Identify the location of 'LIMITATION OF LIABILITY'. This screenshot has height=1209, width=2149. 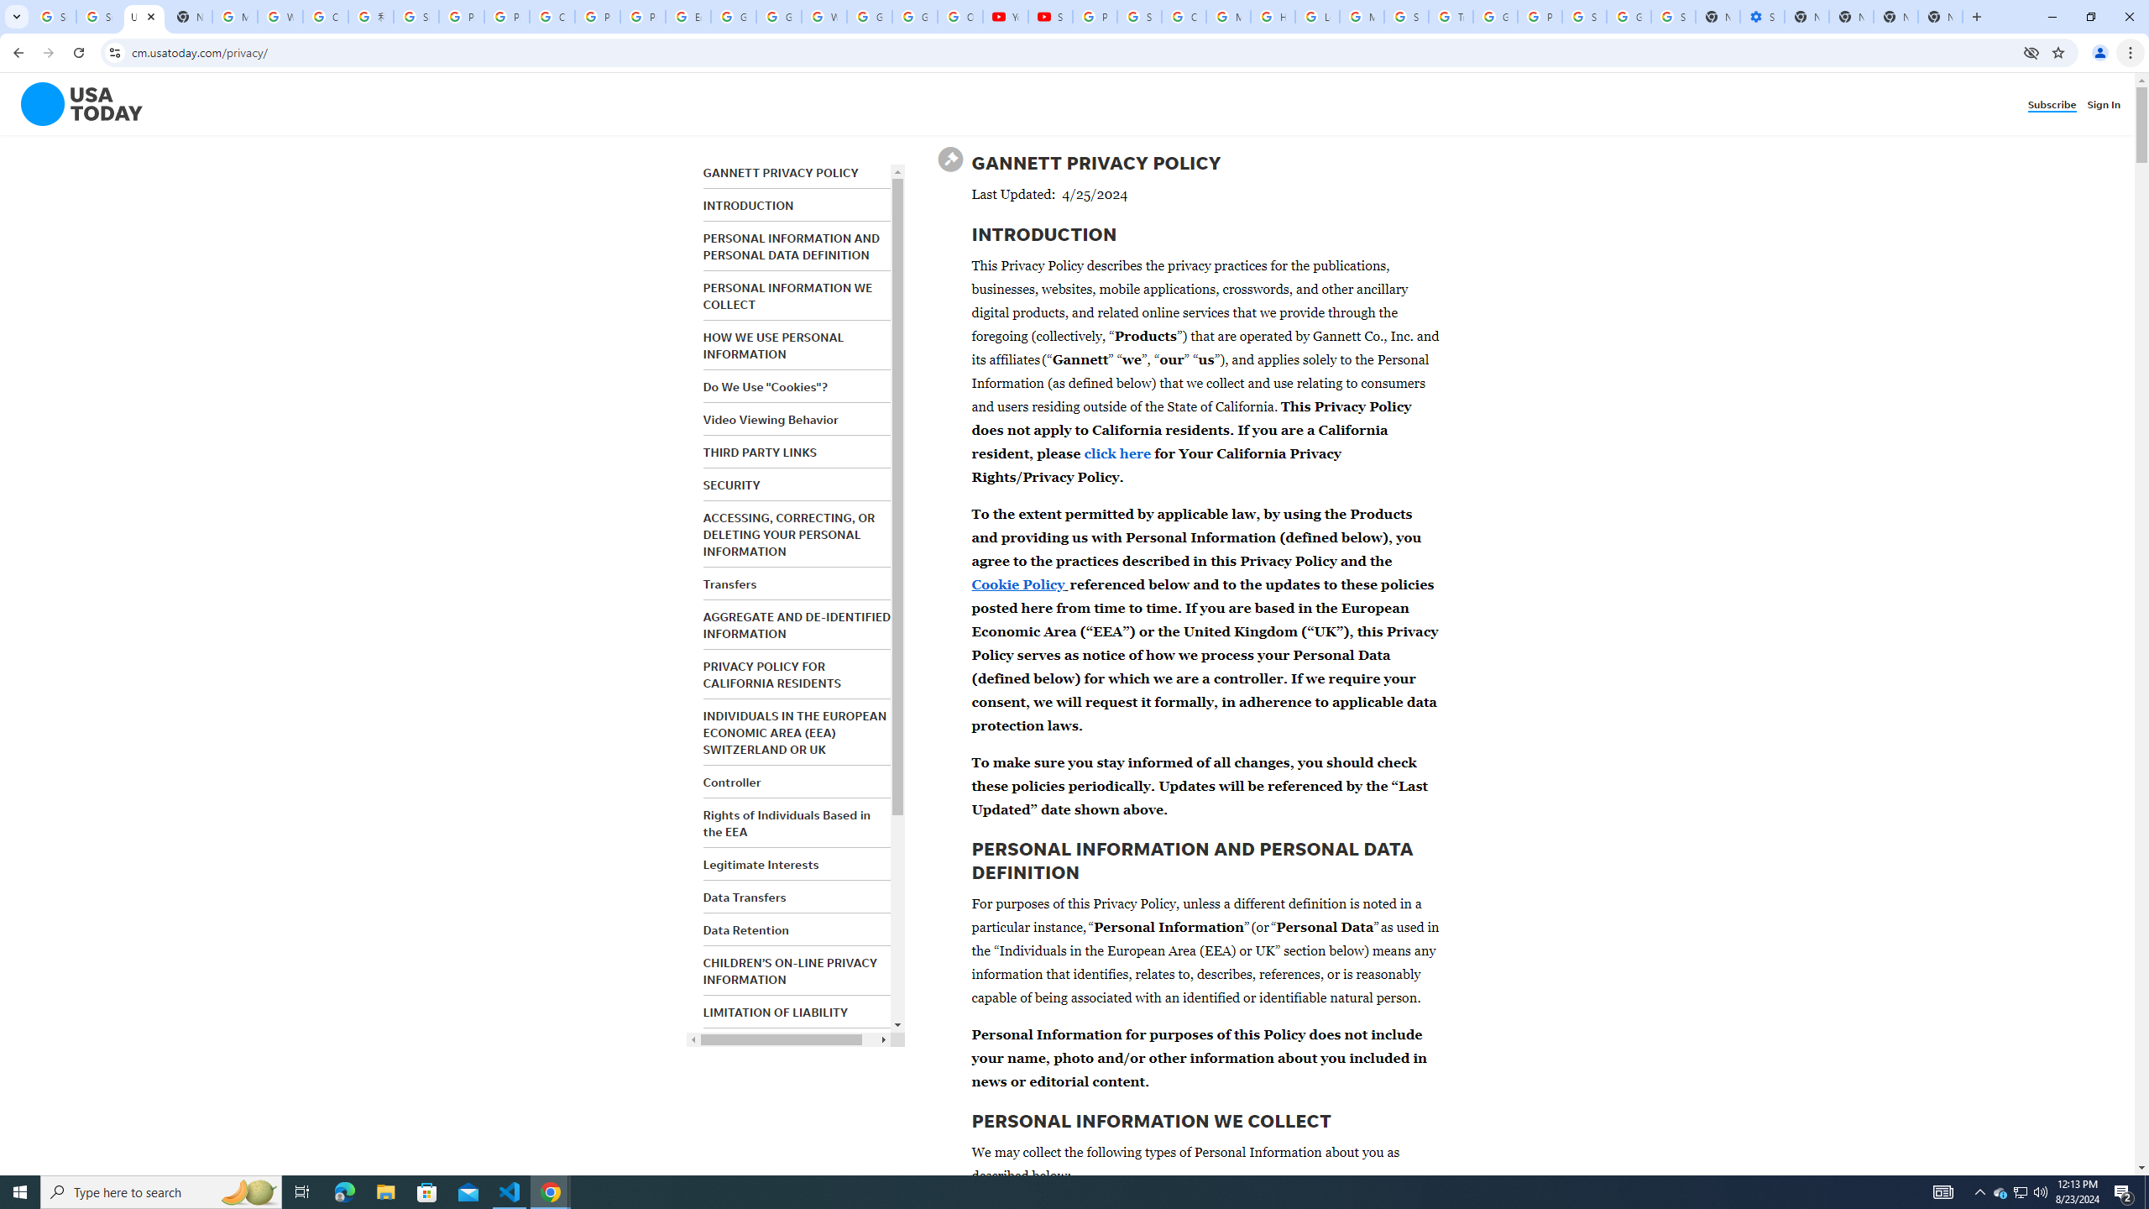
(776, 1013).